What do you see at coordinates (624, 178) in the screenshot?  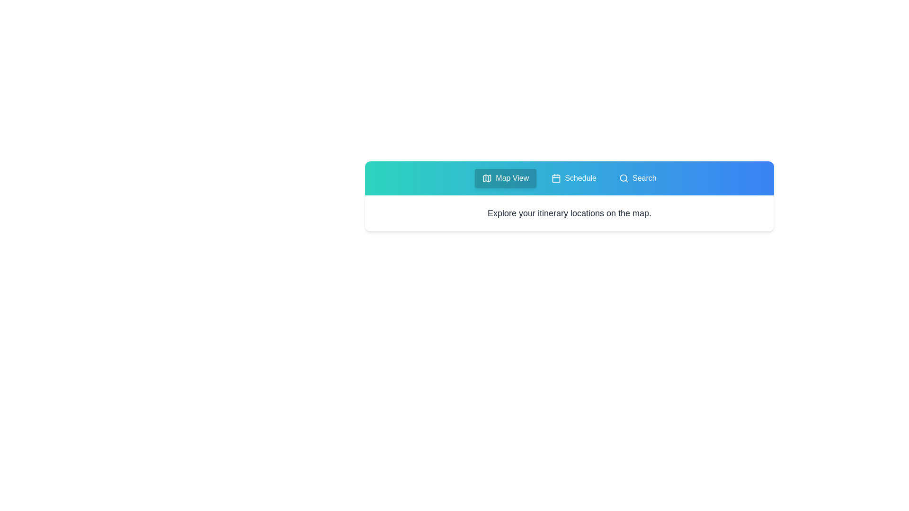 I see `the circular icon element within the search icon located at the rightmost button in the upper menu bar` at bounding box center [624, 178].